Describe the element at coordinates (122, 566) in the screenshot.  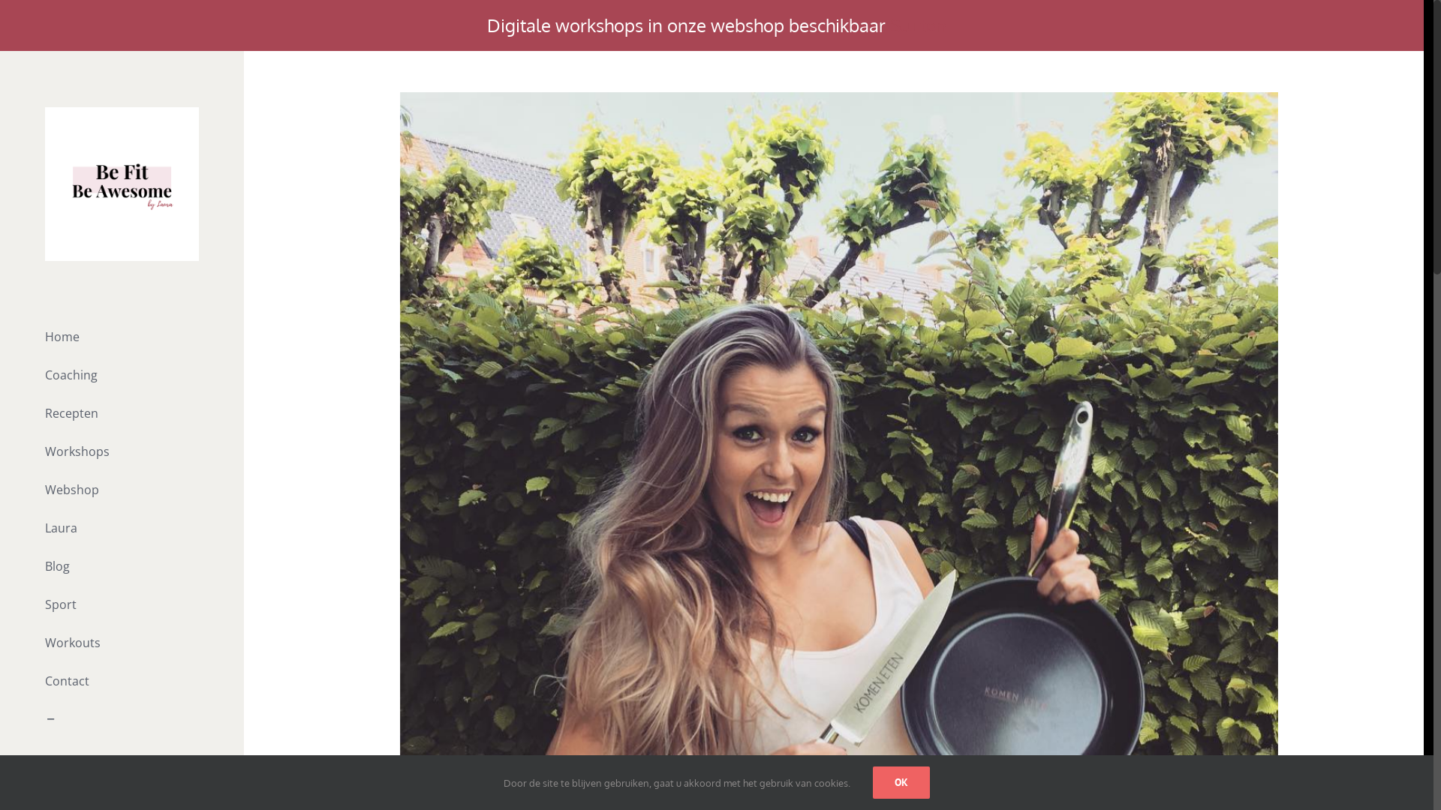
I see `'Blog'` at that location.